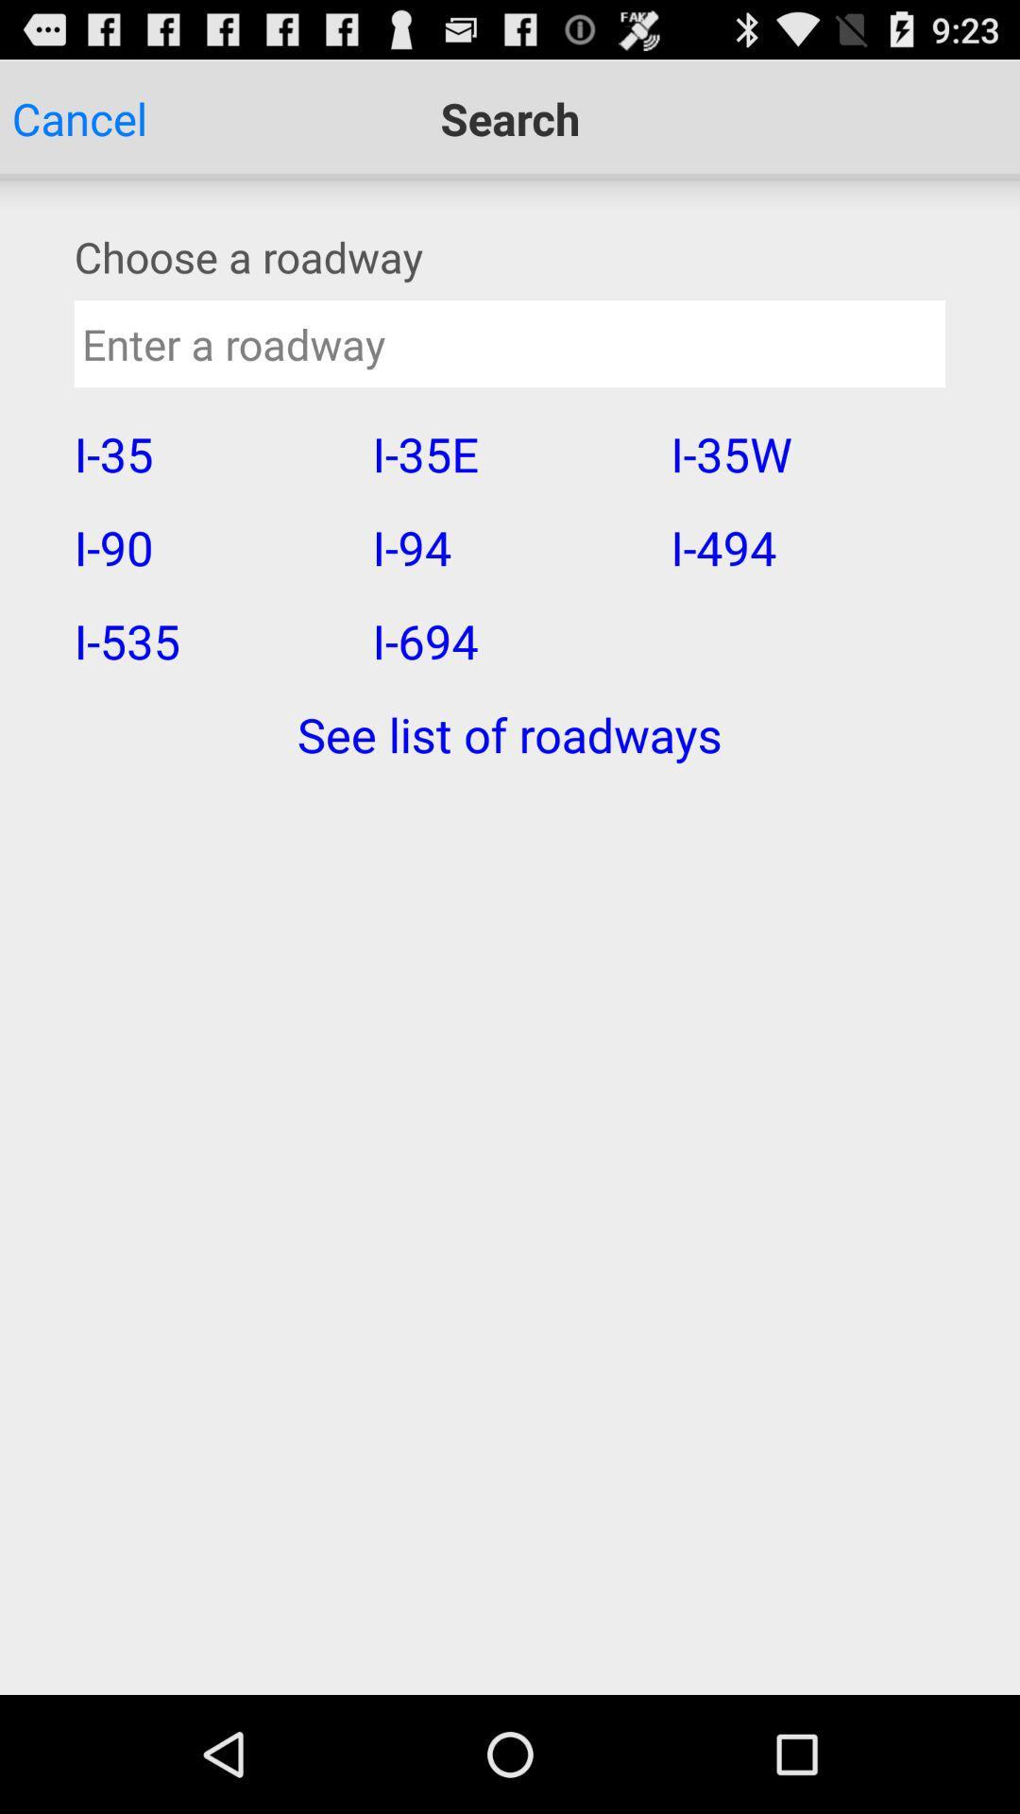  I want to click on the icon next to i-35e item, so click(807, 546).